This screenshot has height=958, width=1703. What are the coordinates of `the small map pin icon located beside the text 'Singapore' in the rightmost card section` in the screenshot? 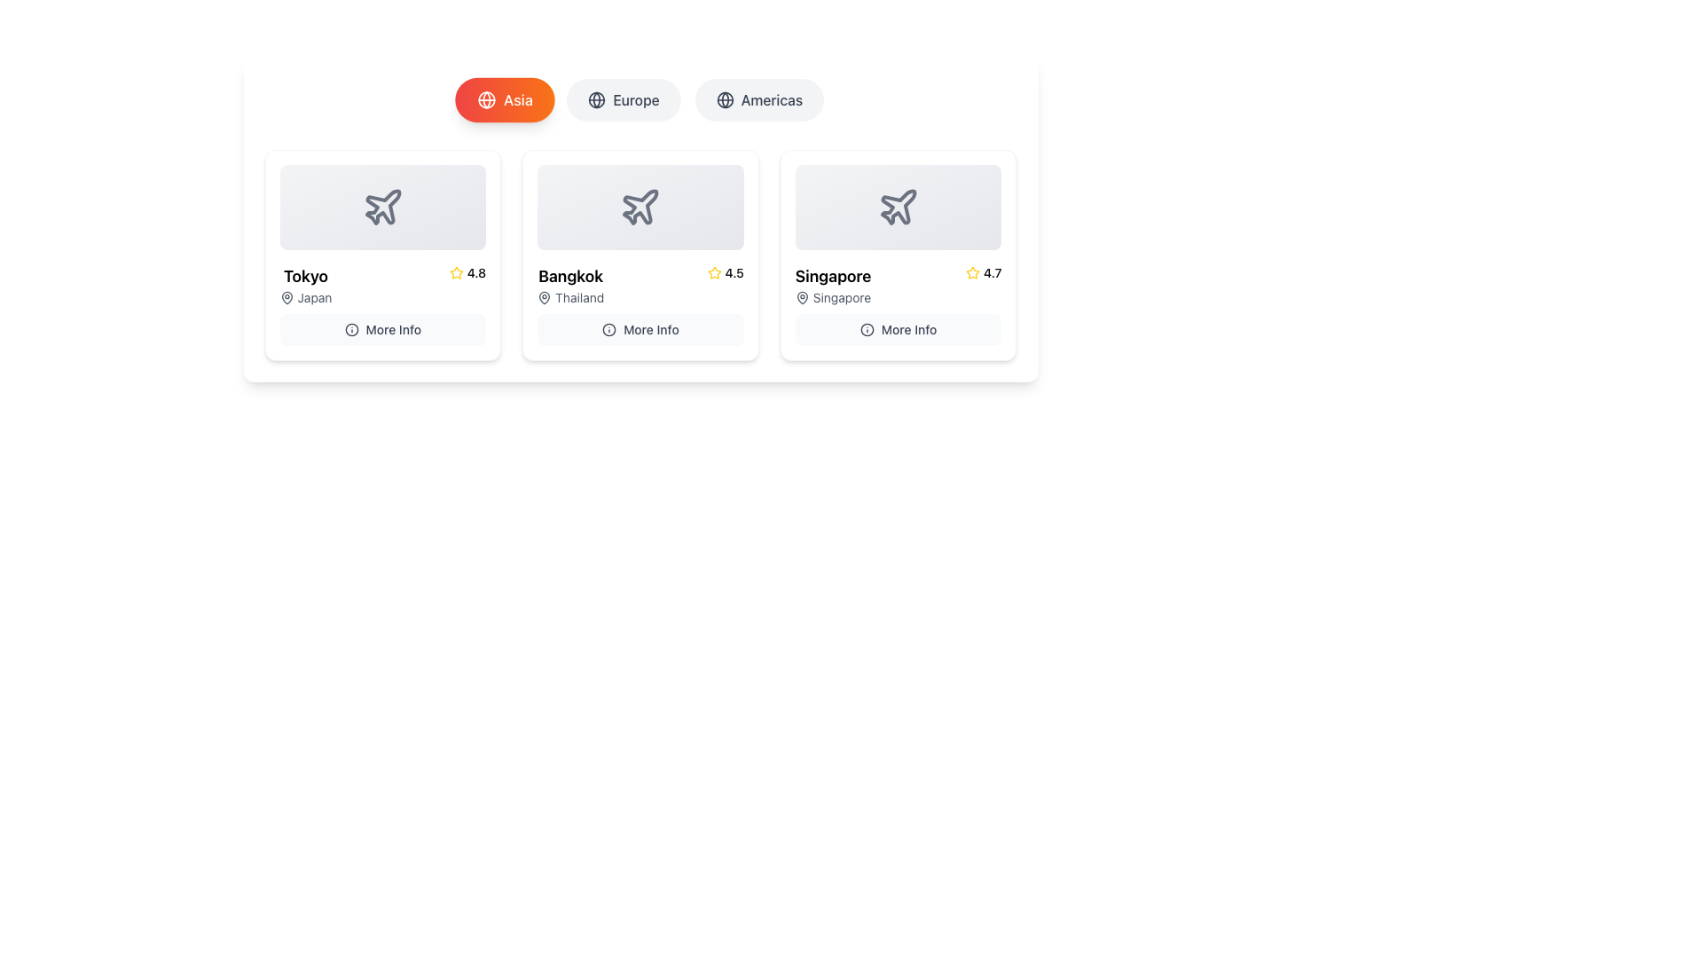 It's located at (801, 296).